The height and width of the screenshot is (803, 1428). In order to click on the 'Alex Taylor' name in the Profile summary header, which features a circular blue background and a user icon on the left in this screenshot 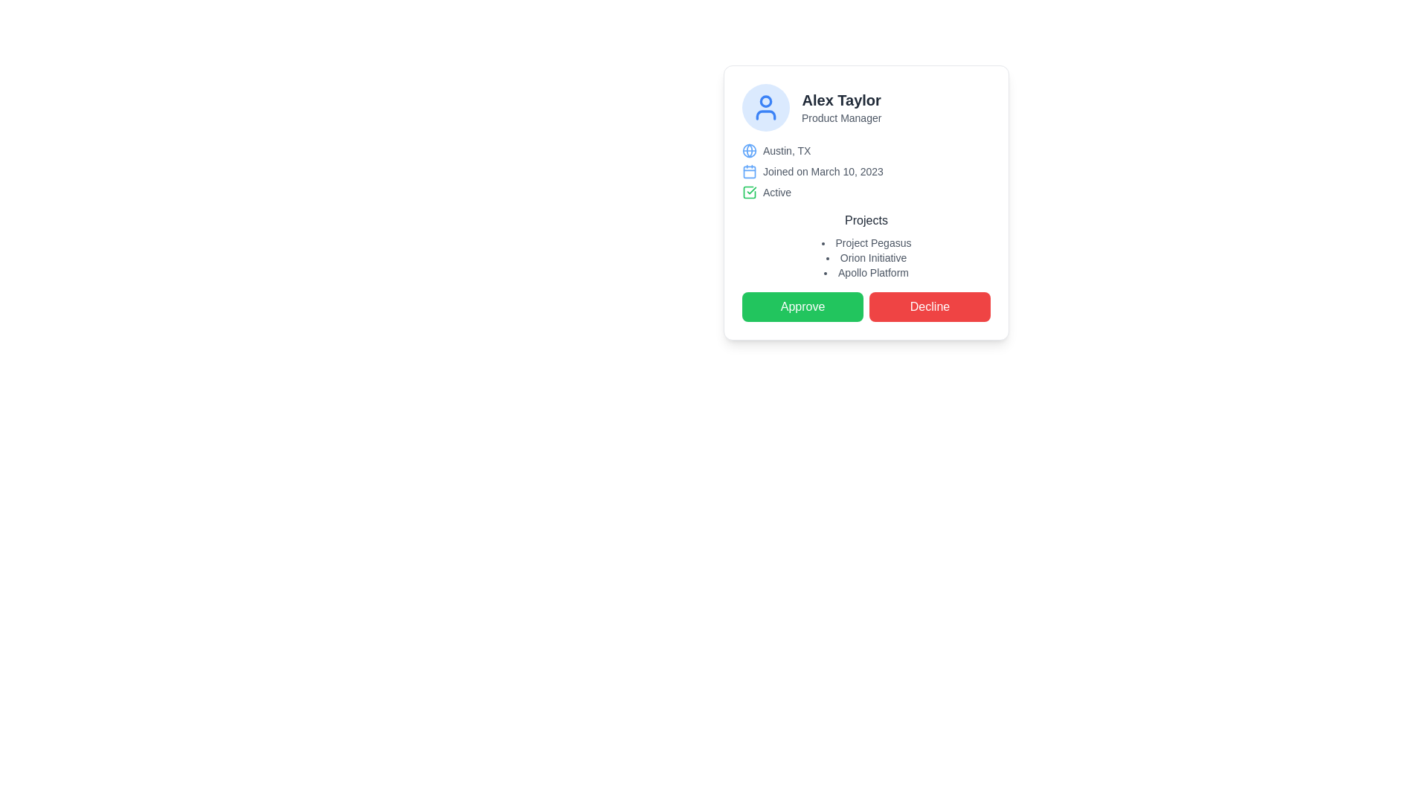, I will do `click(866, 107)`.